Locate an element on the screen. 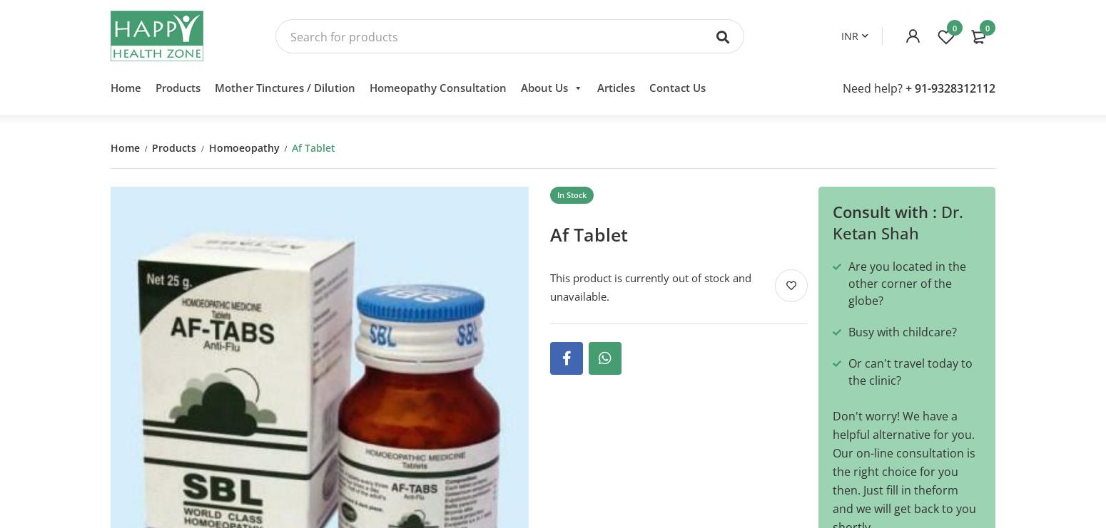  'Homeopathy consultation' is located at coordinates (437, 93).